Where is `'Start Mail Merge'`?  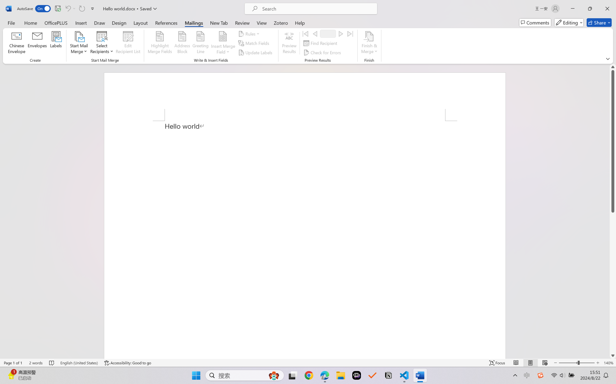
'Start Mail Merge' is located at coordinates (78, 43).